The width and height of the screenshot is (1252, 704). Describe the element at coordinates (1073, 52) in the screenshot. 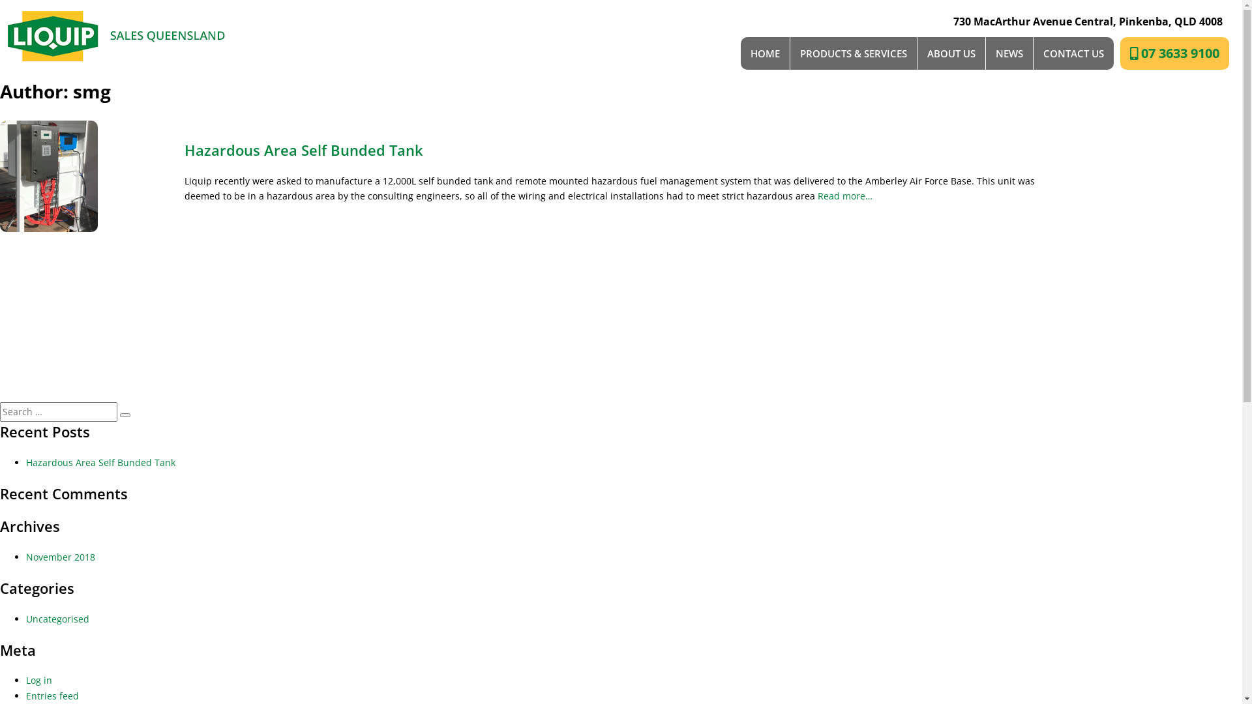

I see `'CONTACT US'` at that location.